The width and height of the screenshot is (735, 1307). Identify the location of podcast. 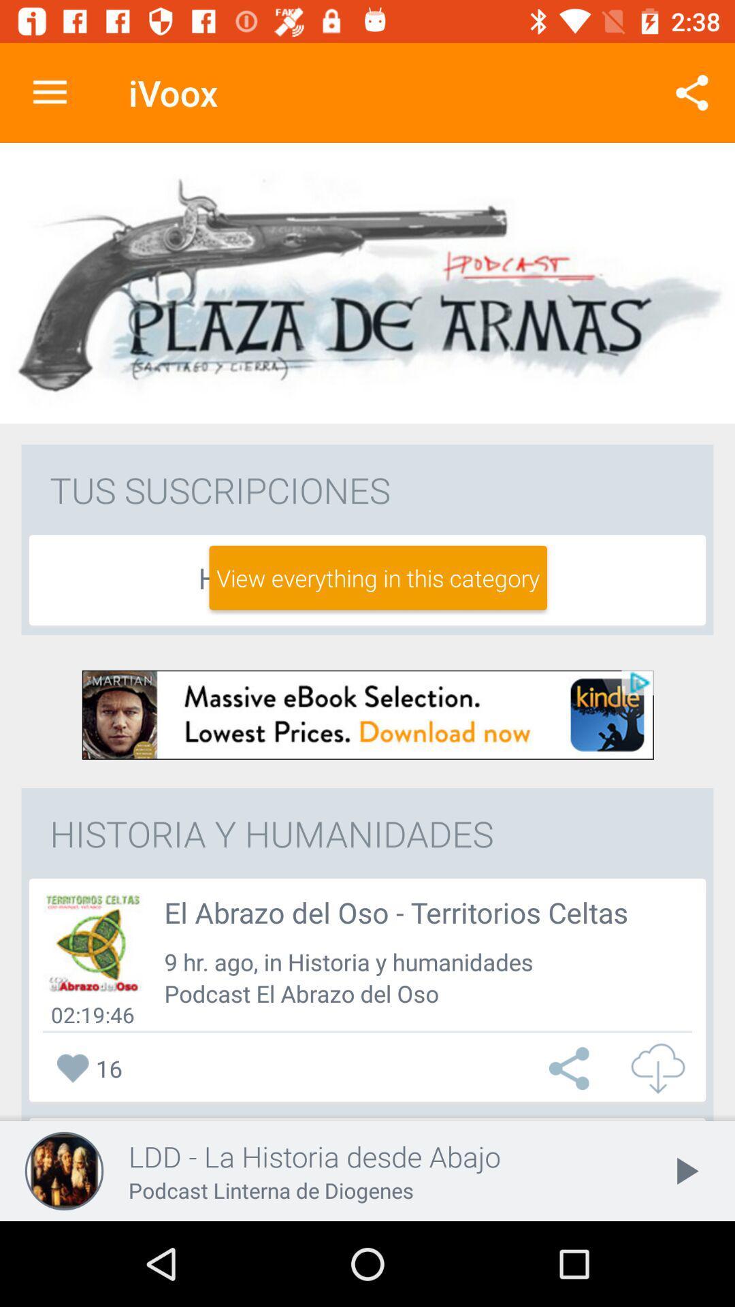
(92, 942).